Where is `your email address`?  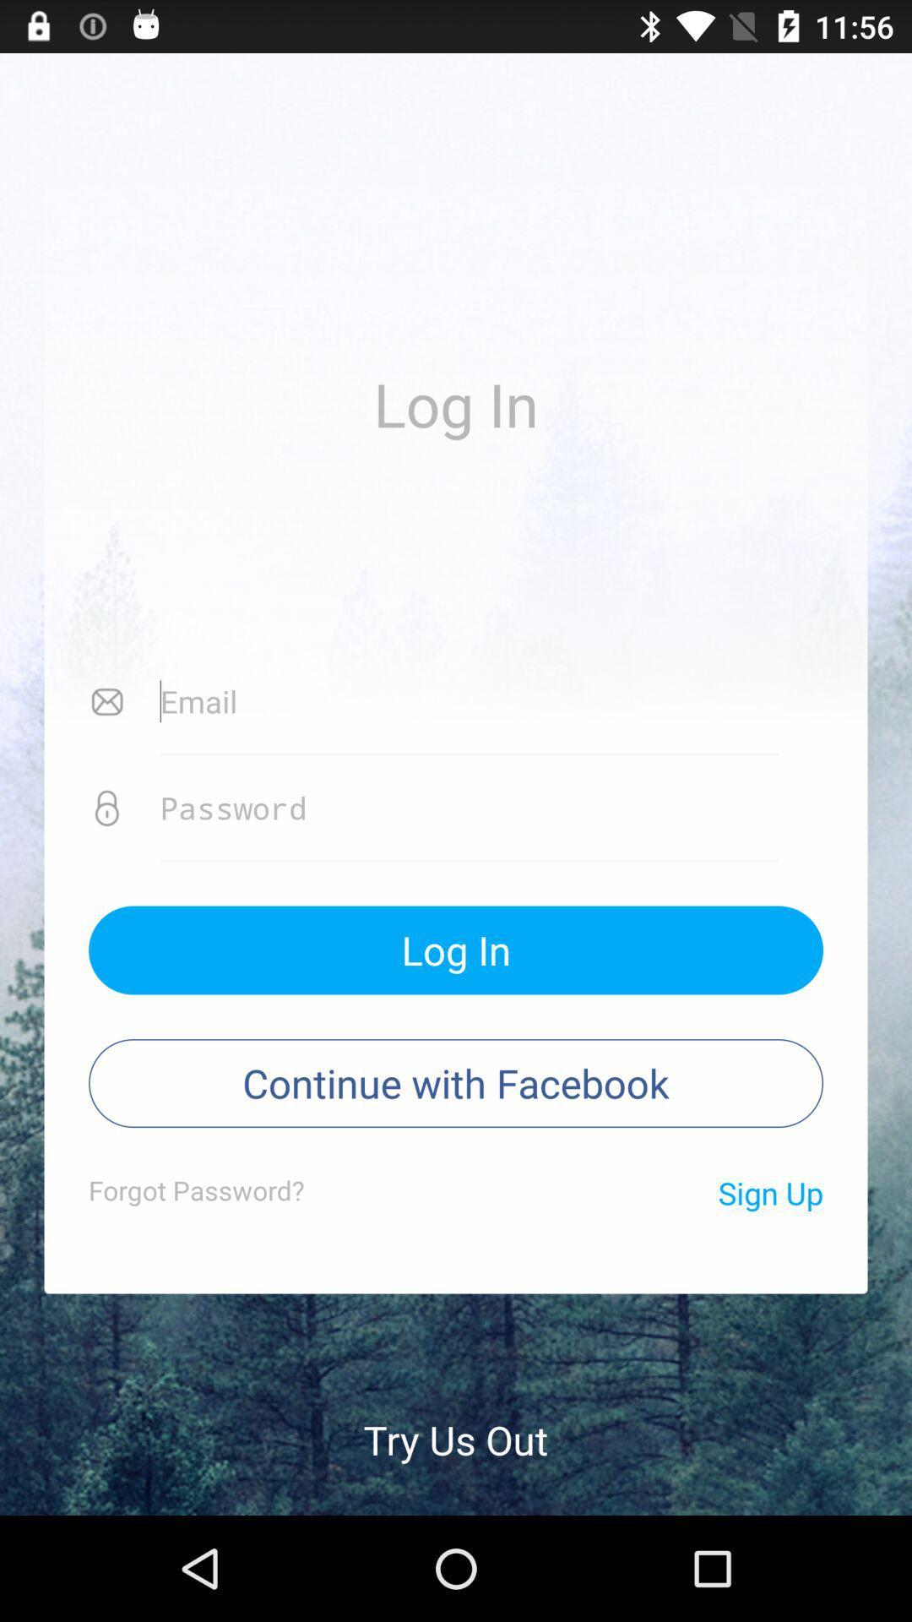 your email address is located at coordinates (470, 701).